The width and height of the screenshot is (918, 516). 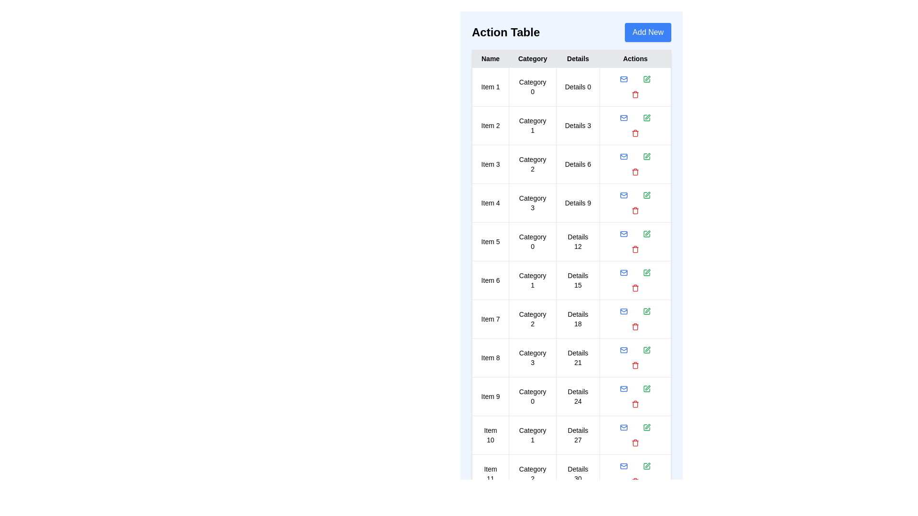 I want to click on the trash icon for the specified item to delete it, so click(x=635, y=94).